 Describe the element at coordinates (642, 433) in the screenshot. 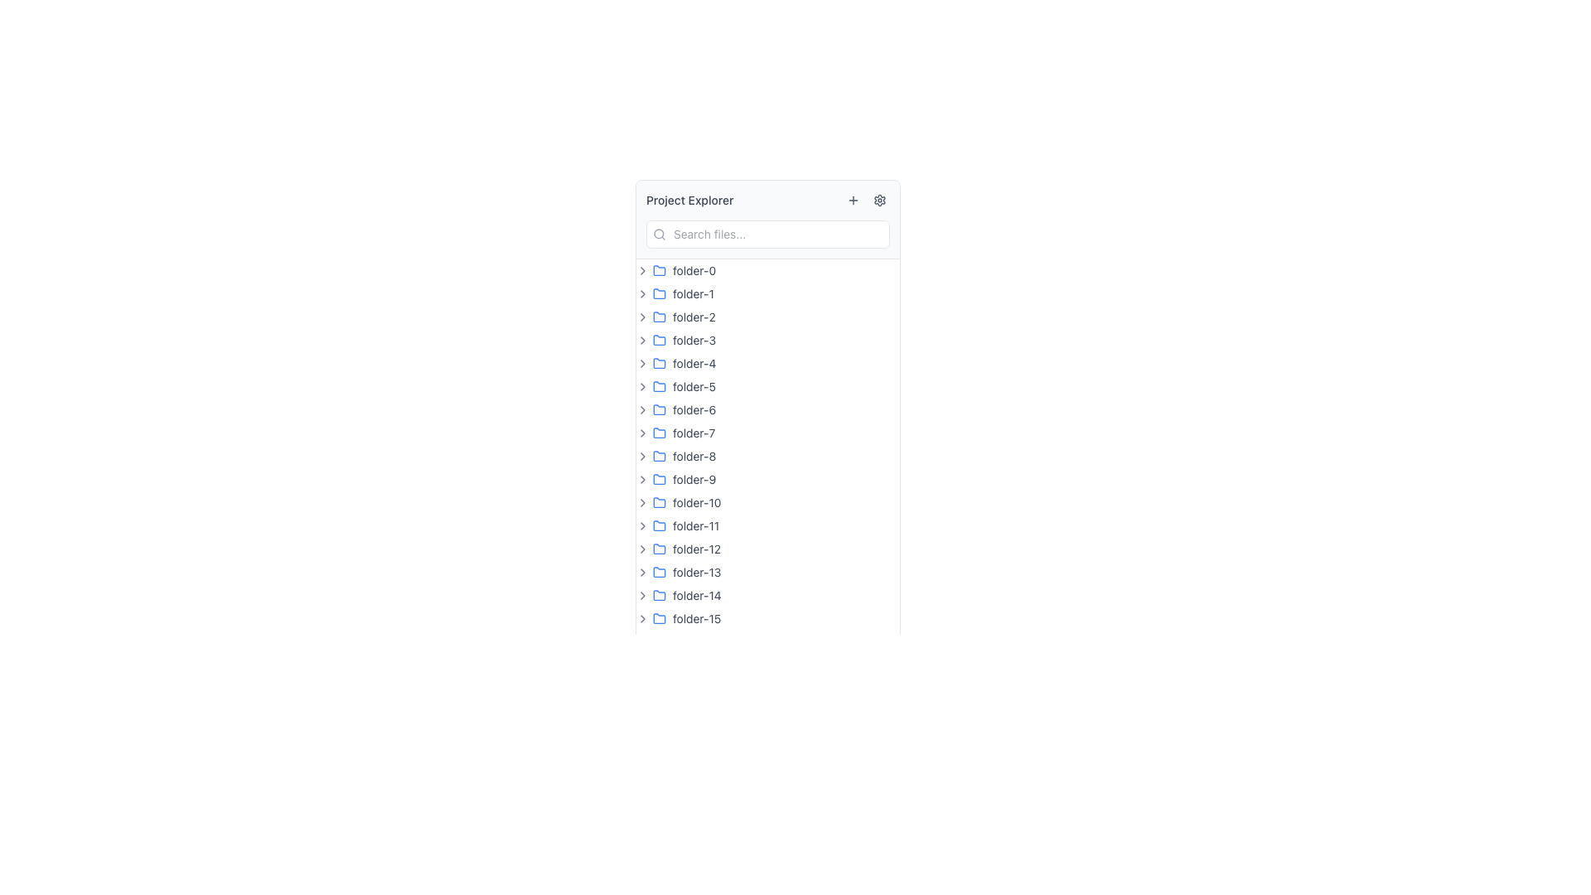

I see `the toggle button located to the left of the 'folder-7' label in the project explorer` at that location.